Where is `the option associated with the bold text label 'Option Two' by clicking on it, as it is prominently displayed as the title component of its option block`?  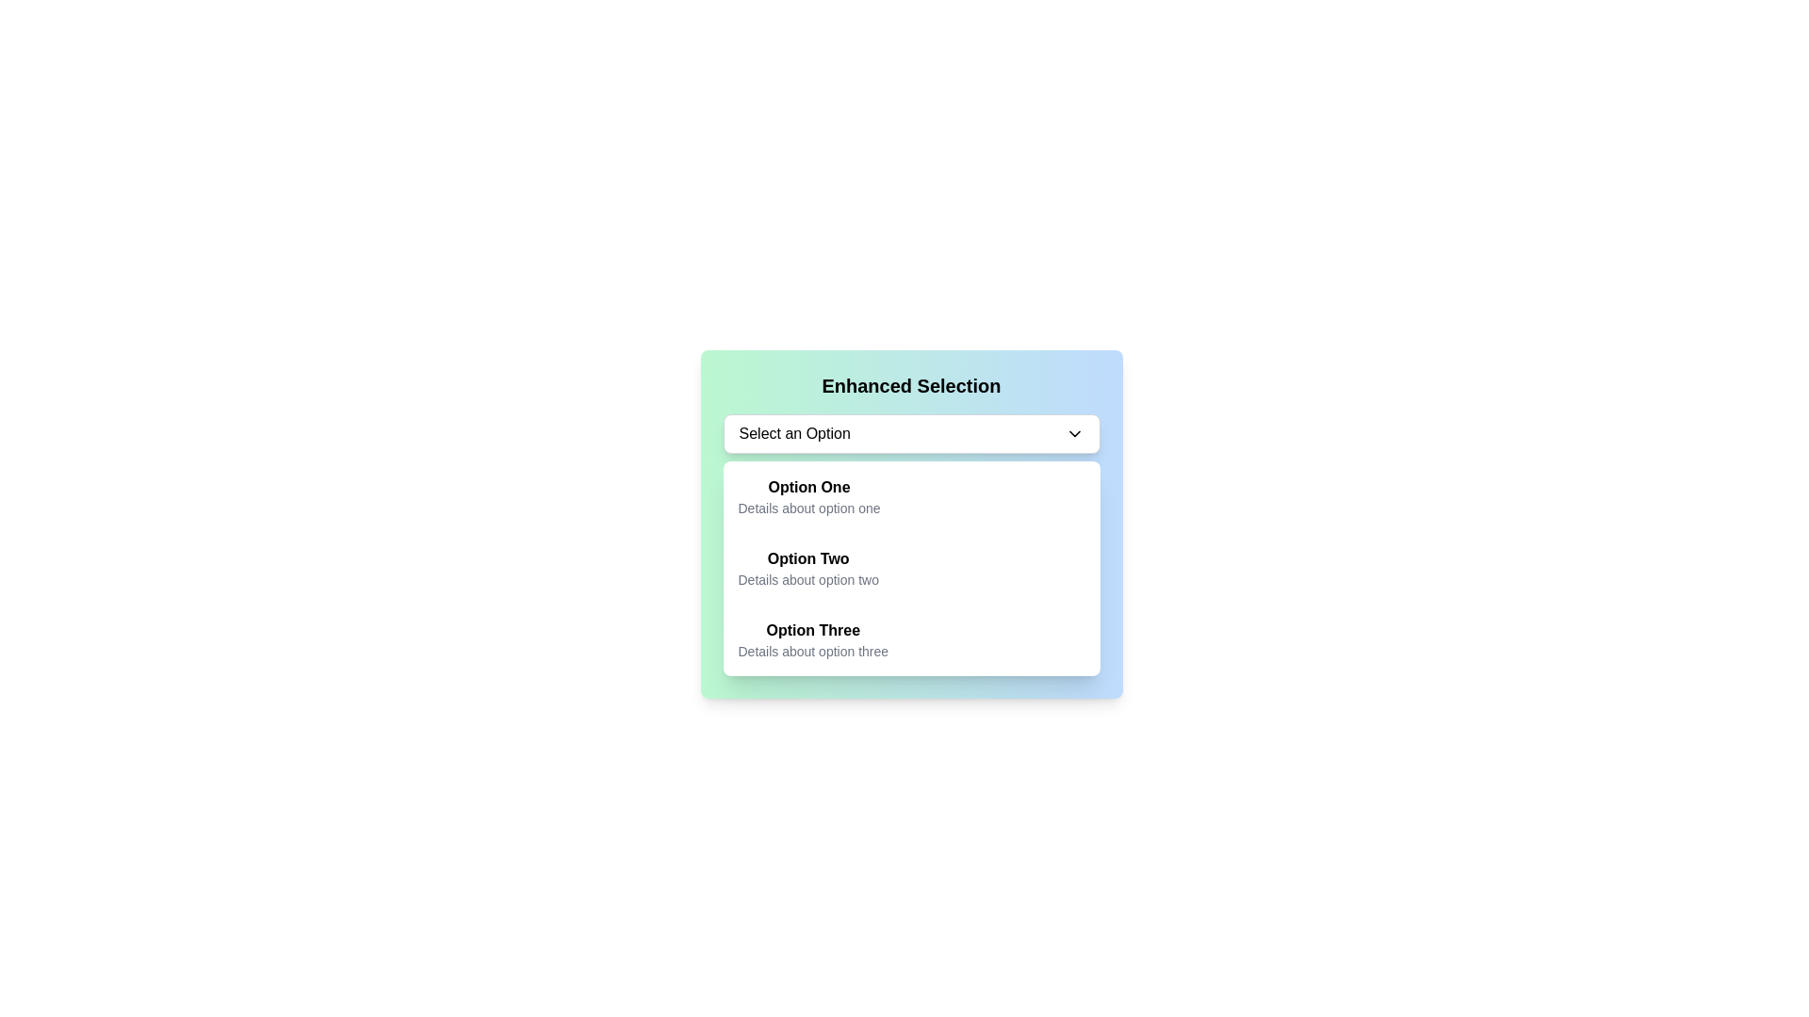 the option associated with the bold text label 'Option Two' by clicking on it, as it is prominently displayed as the title component of its option block is located at coordinates (808, 558).